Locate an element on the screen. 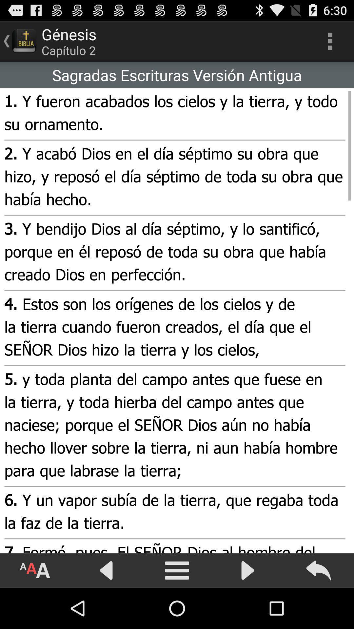  item above 5 y toda is located at coordinates (174, 328).